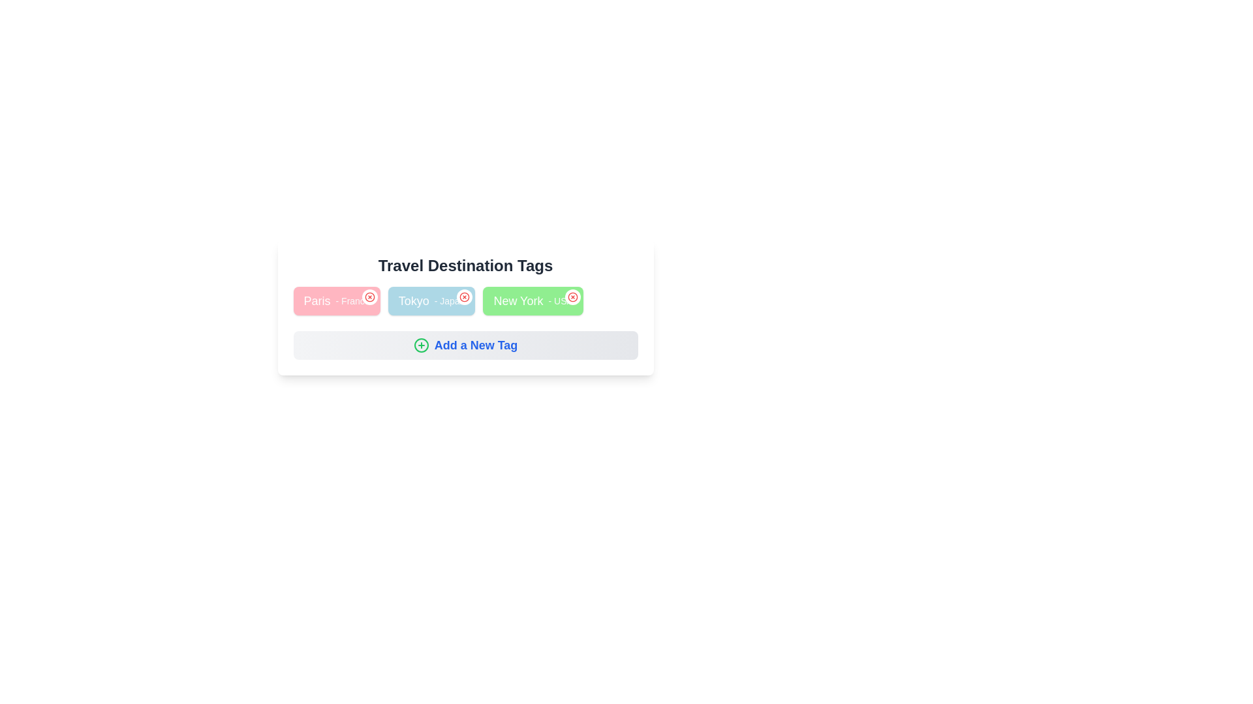  What do you see at coordinates (465, 344) in the screenshot?
I see `the 'Add a New Tag' button to initiate the process of adding a new tag` at bounding box center [465, 344].